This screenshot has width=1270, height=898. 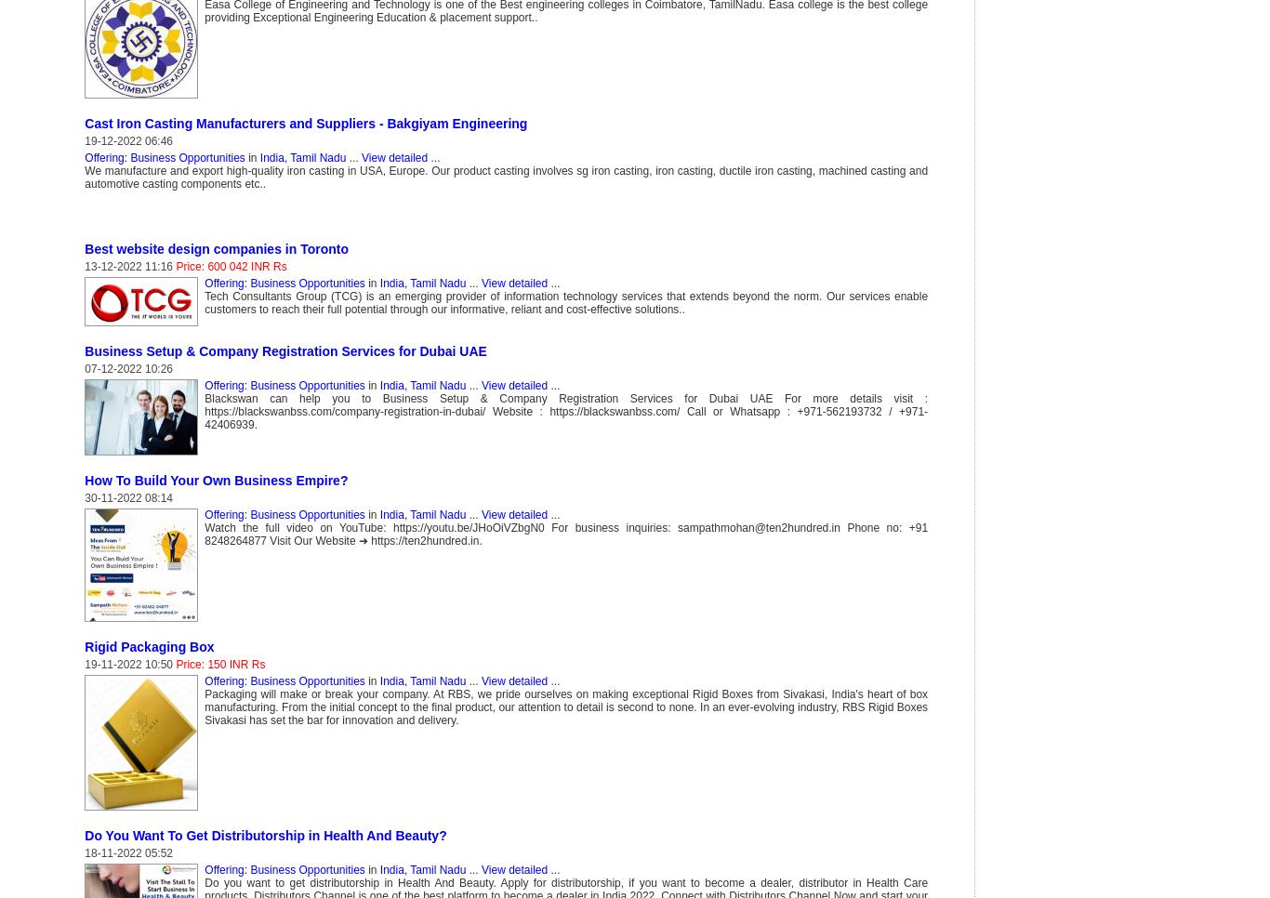 What do you see at coordinates (564, 303) in the screenshot?
I see `'Tech Consultants Group (TCG) is an emerging provider of information technology services that extends beyond the norm. Our services enable customers to reach their full potential through our informative,  reliant and cost-effective solutions..'` at bounding box center [564, 303].